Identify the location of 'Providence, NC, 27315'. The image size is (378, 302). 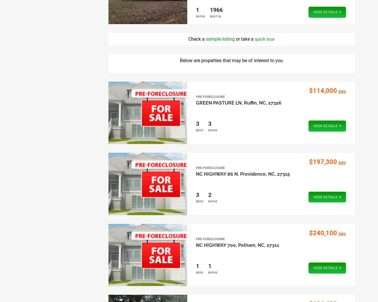
(240, 174).